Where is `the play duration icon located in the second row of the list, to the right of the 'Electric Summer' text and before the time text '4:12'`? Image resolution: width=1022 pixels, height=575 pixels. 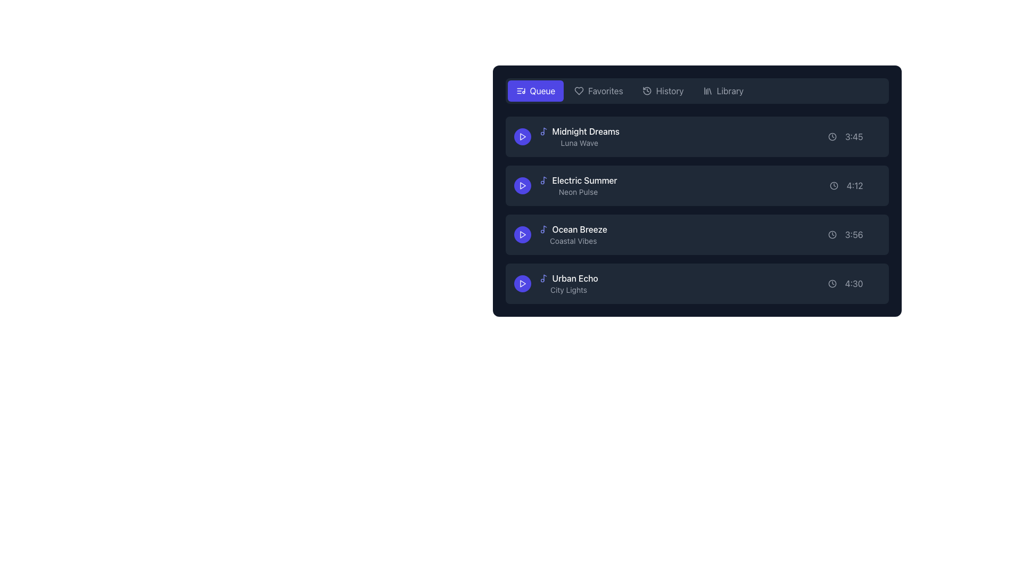
the play duration icon located in the second row of the list, to the right of the 'Electric Summer' text and before the time text '4:12' is located at coordinates (833, 185).